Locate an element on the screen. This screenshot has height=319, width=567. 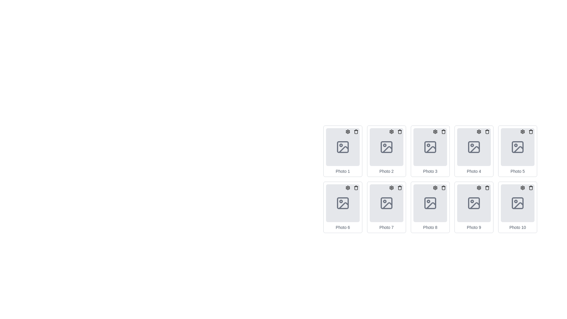
the settings icon located in the upper-right corner of the 'Photo 8' card is located at coordinates (435, 188).